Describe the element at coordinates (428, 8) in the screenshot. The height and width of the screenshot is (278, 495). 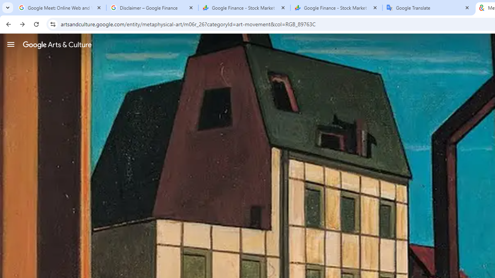
I see `'Google Translate'` at that location.